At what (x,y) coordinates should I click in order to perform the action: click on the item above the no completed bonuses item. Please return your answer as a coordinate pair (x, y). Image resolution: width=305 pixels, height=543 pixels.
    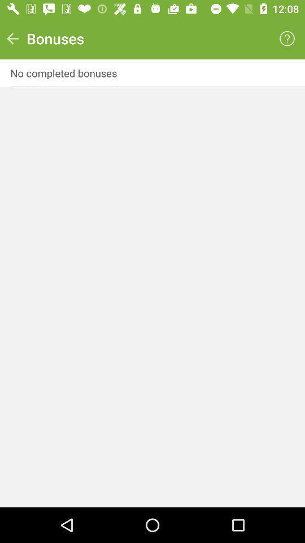
    Looking at the image, I should click on (287, 38).